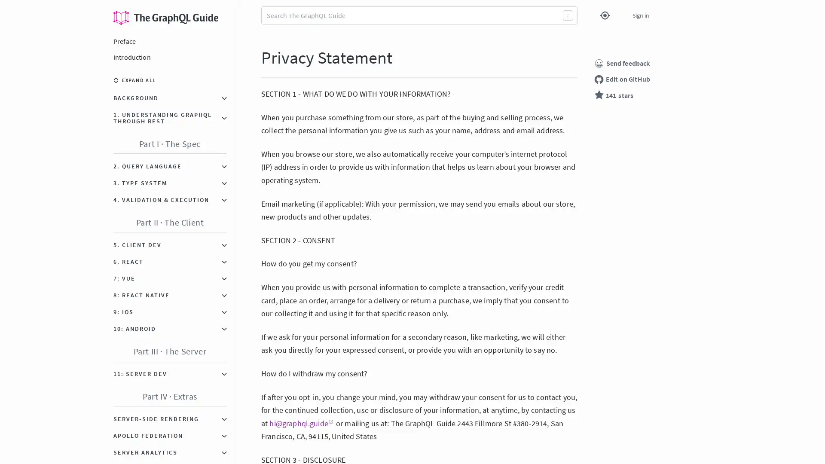 Image resolution: width=825 pixels, height=464 pixels. What do you see at coordinates (641, 15) in the screenshot?
I see `Sign in` at bounding box center [641, 15].